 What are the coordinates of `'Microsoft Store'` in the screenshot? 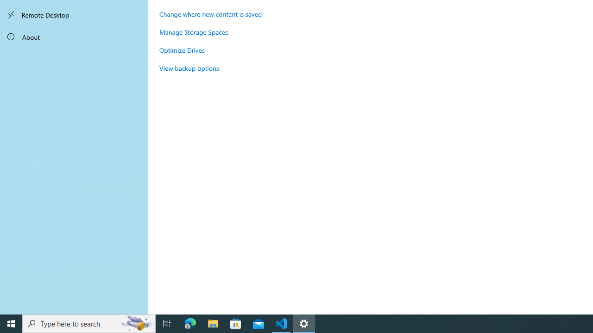 It's located at (236, 323).